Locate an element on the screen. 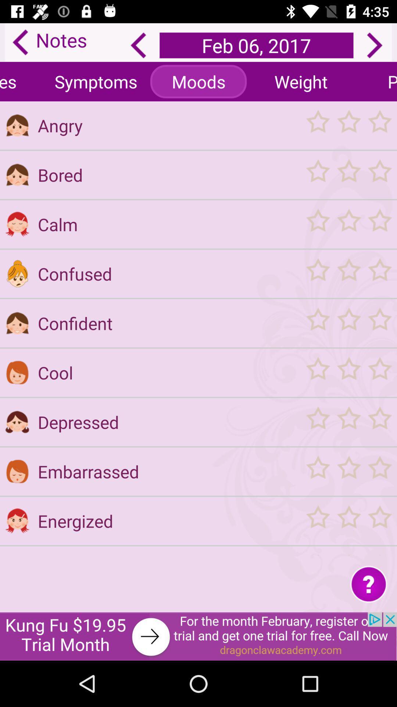 The height and width of the screenshot is (707, 397). the arrow_forward icon is located at coordinates (375, 45).